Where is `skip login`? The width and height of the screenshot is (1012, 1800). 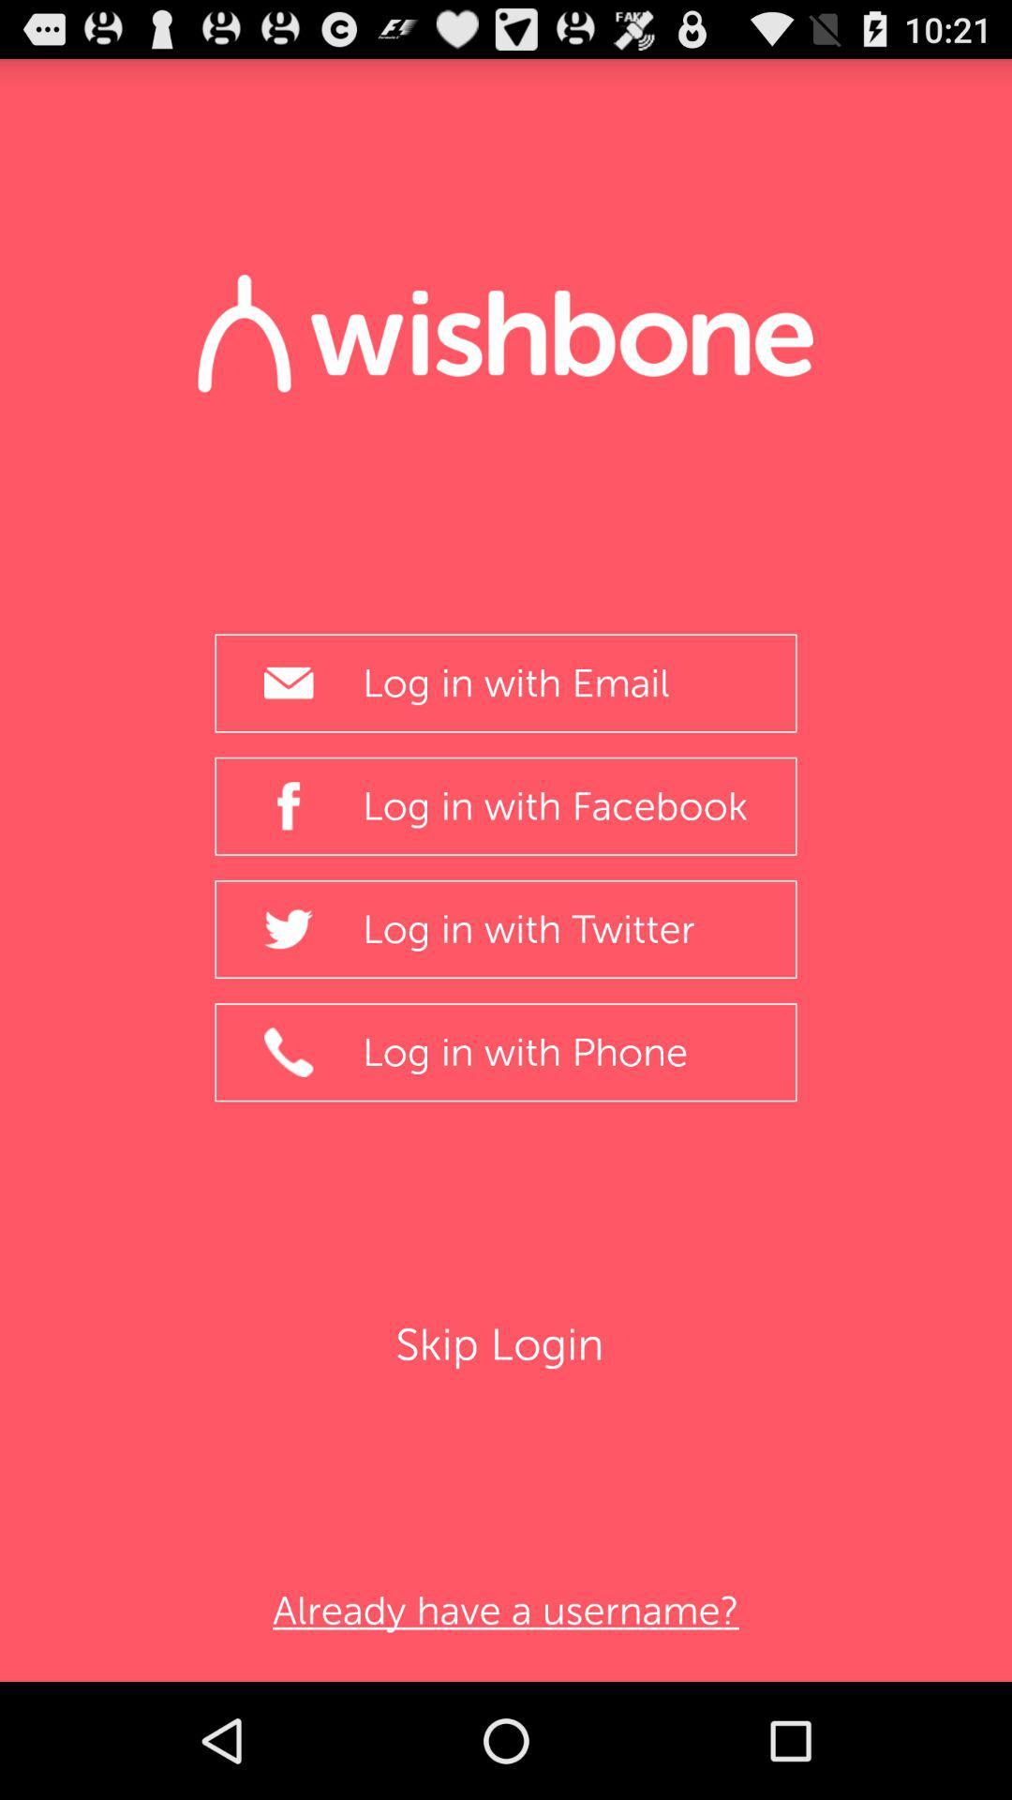
skip login is located at coordinates (504, 1343).